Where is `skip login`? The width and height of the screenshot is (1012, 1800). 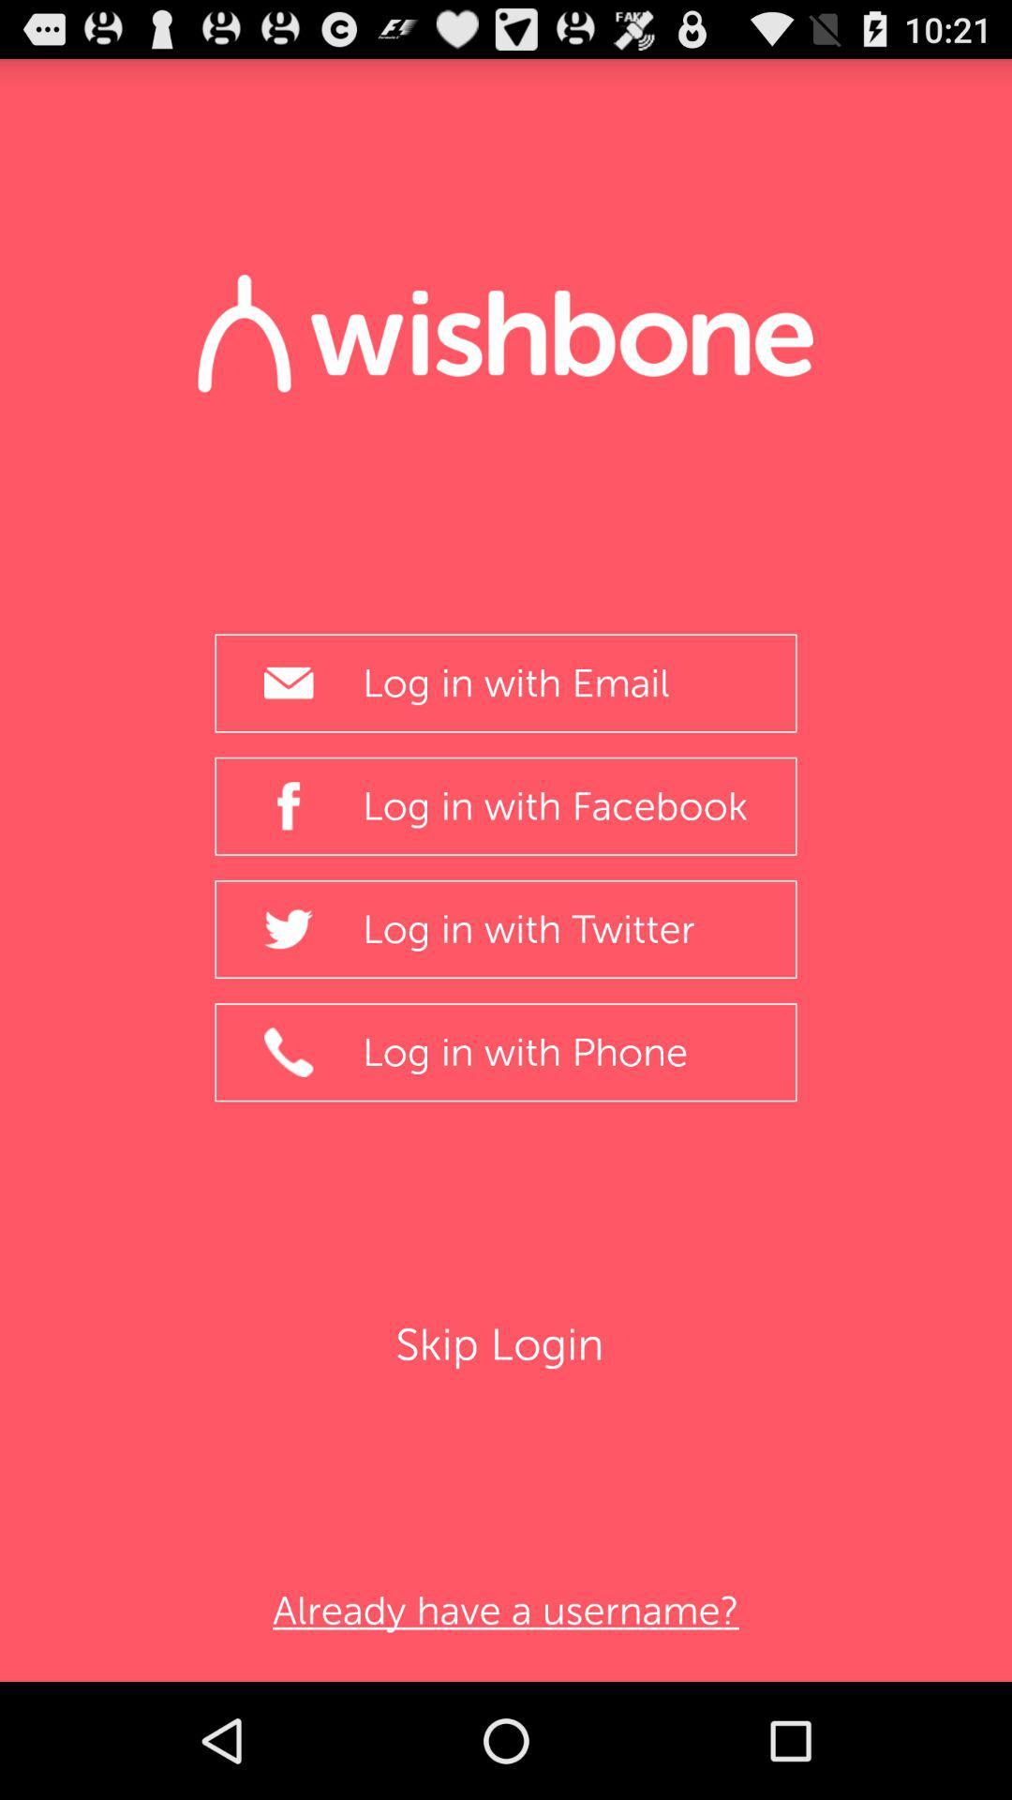
skip login is located at coordinates (504, 1343).